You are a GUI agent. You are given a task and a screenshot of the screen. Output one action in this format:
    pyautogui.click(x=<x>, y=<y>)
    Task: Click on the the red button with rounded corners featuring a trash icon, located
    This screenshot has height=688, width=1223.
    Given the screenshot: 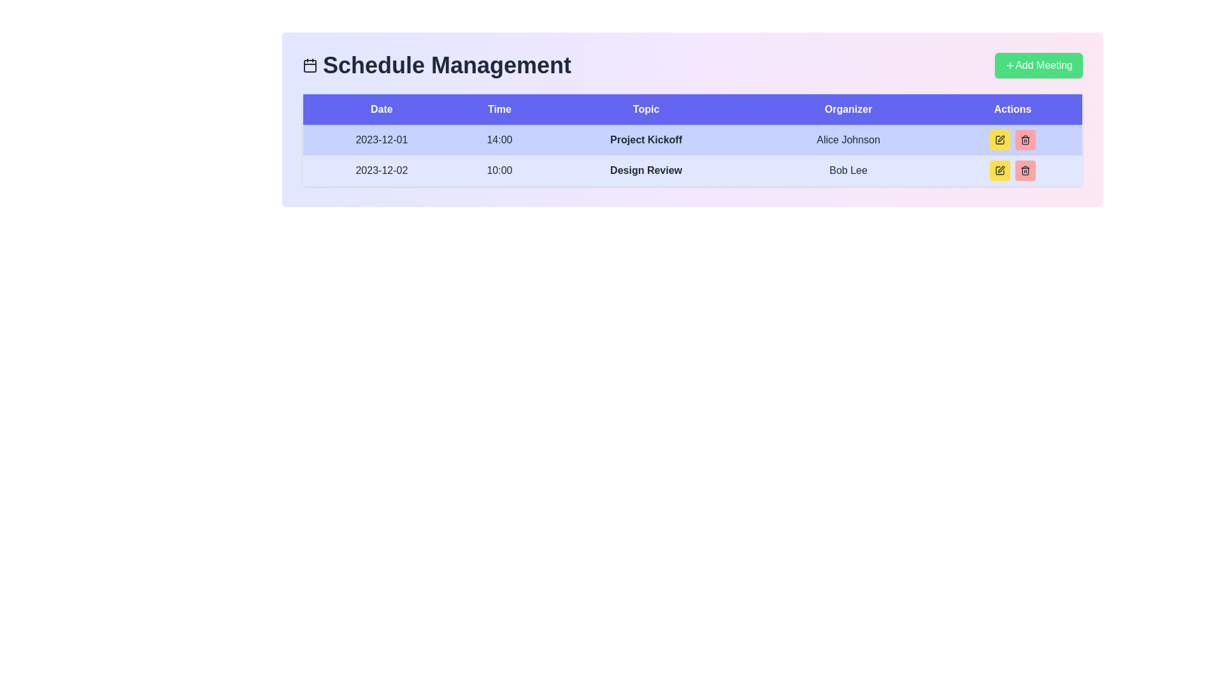 What is the action you would take?
    pyautogui.click(x=1025, y=140)
    